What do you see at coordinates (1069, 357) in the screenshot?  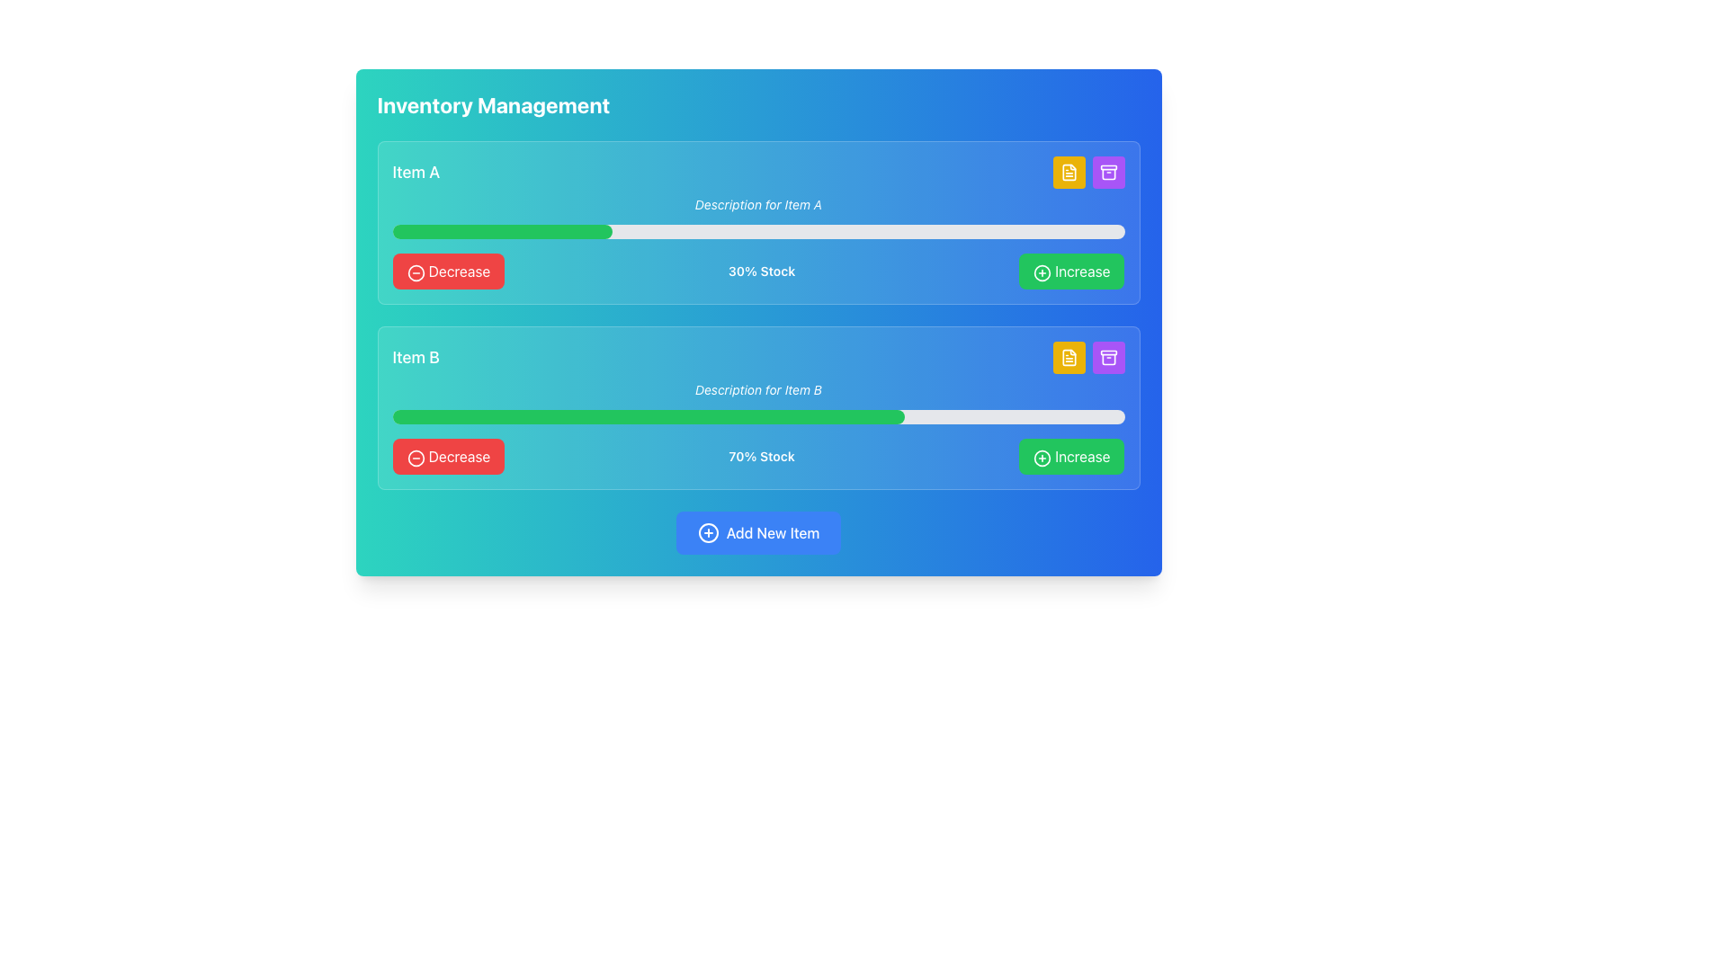 I see `the first icon button to the right within the control bar of 'Item B', located above the purple trash icon and near the green 'Increase' button` at bounding box center [1069, 357].